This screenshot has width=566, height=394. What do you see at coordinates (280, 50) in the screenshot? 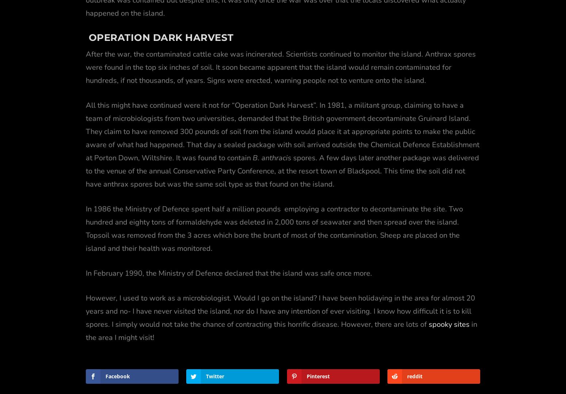
I see `'After the war, the contaminated cattle cake was incinerated. Scientists continued to monitor the island. Anthrax spores were found in the top six inches of soil. It soon became apparent that the island would remain contaminated for hundreds, if not thousands, of years. Signs were erected, warning people not to venture onto the island.'` at bounding box center [280, 50].